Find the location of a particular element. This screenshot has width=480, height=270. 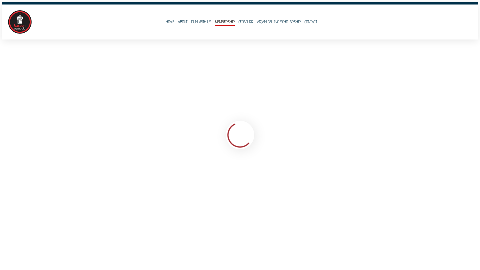

'MEMBERSHIP' is located at coordinates (215, 22).